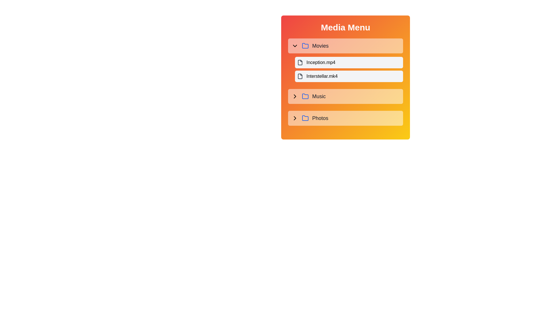 This screenshot has height=310, width=552. What do you see at coordinates (321, 76) in the screenshot?
I see `the static text label representing the file 'Interstellar.mk4' located` at bounding box center [321, 76].